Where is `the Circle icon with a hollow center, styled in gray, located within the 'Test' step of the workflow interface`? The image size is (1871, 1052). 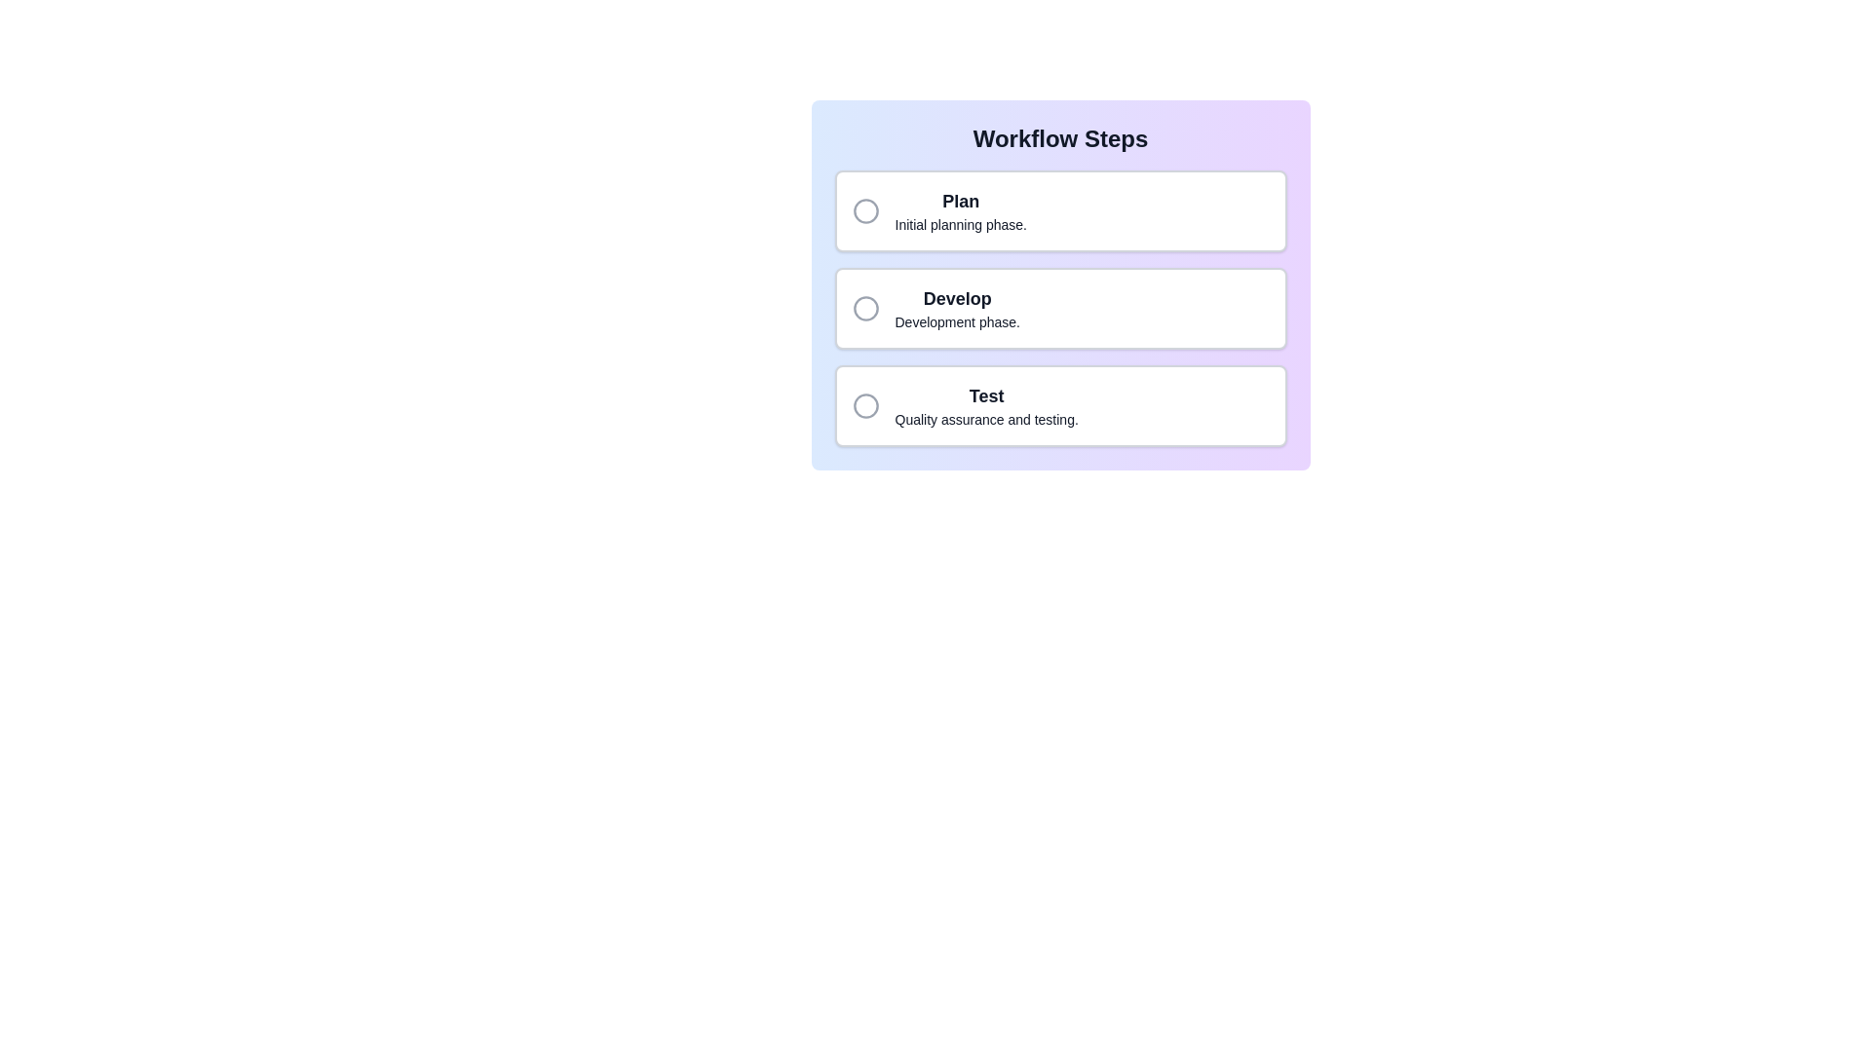
the Circle icon with a hollow center, styled in gray, located within the 'Test' step of the workflow interface is located at coordinates (864, 404).